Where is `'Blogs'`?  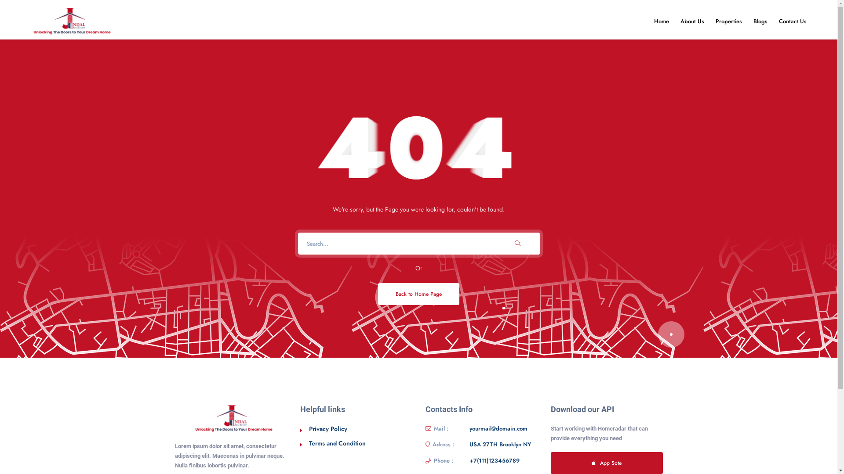 'Blogs' is located at coordinates (760, 21).